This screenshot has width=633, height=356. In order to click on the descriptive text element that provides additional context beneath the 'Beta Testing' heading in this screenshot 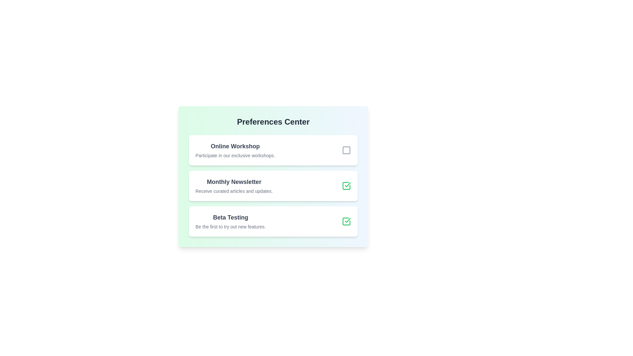, I will do `click(230, 226)`.